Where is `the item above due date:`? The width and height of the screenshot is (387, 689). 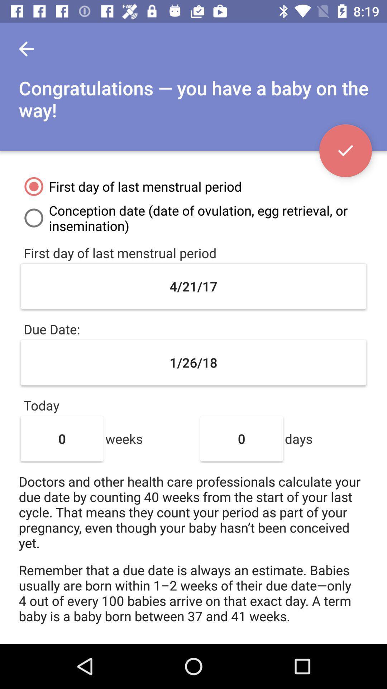
the item above due date: is located at coordinates (193, 286).